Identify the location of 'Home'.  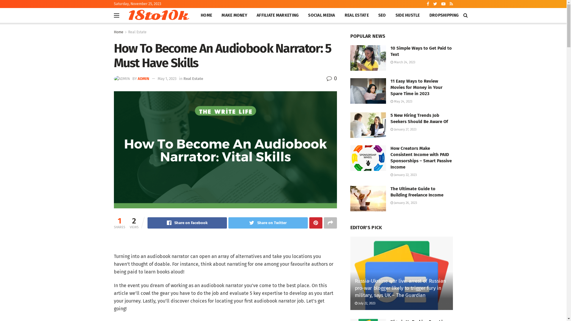
(118, 32).